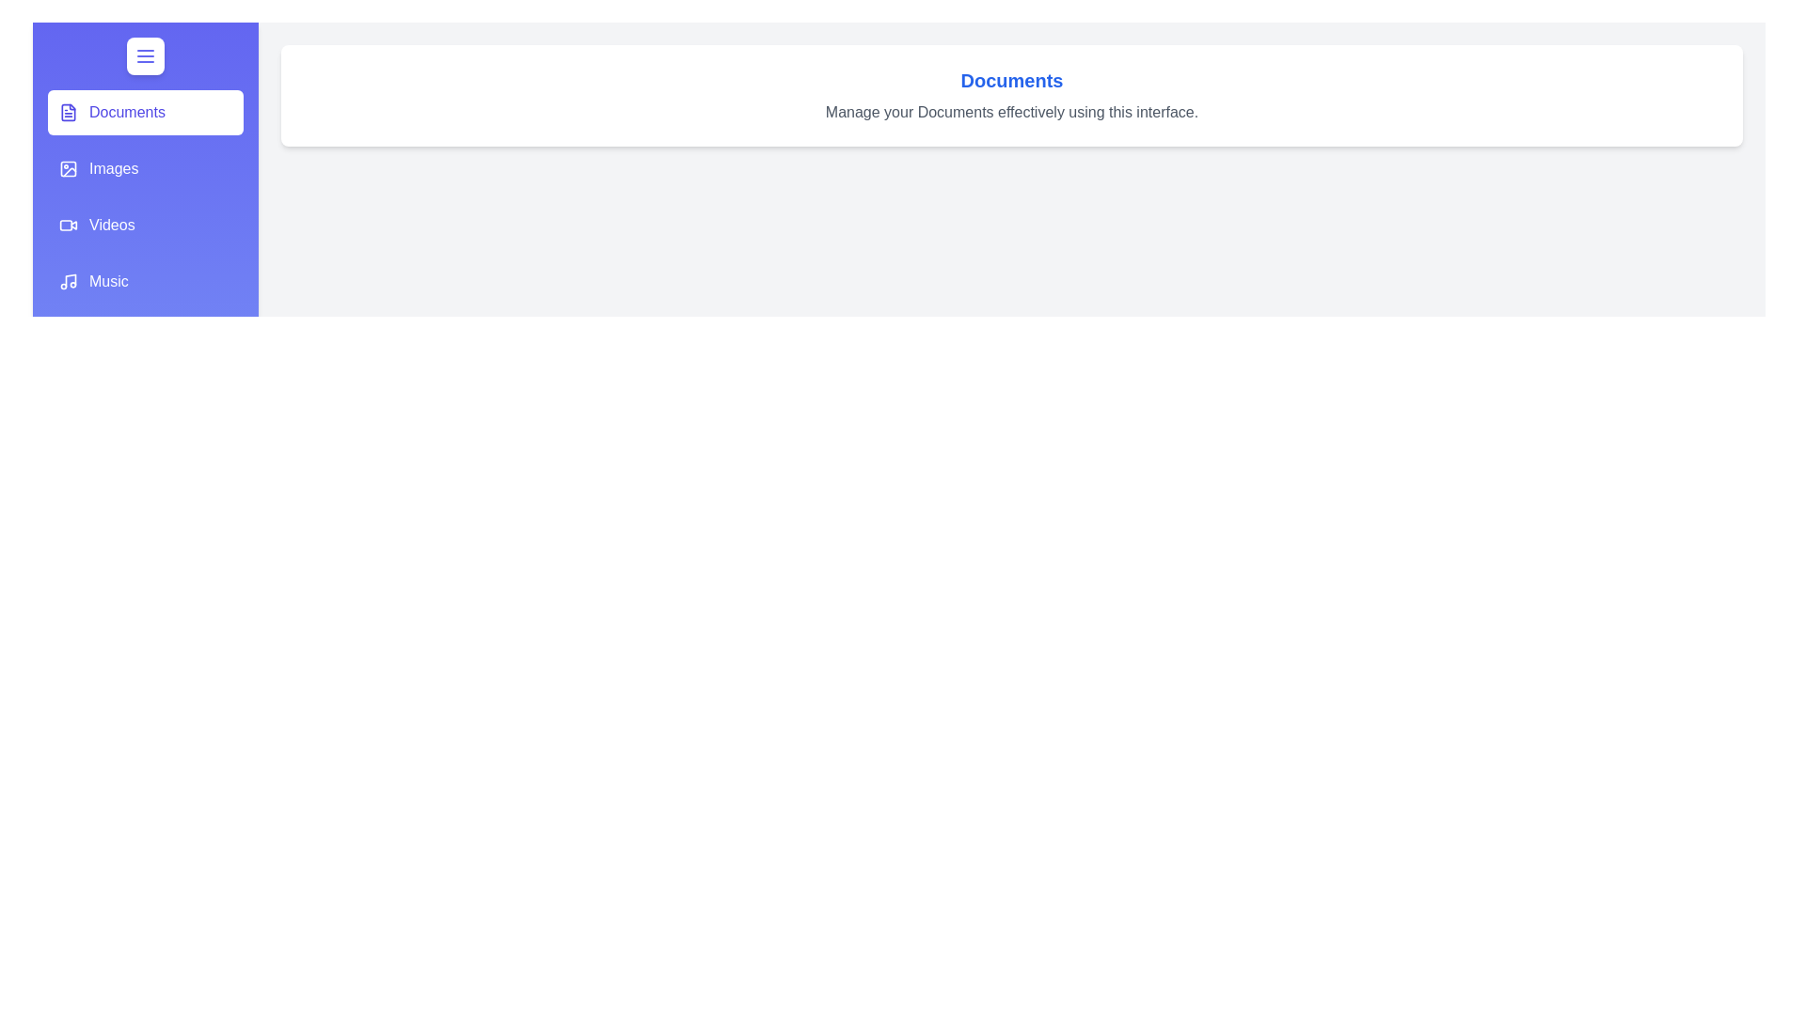 The width and height of the screenshot is (1806, 1015). I want to click on the section Images from the list, so click(144, 169).